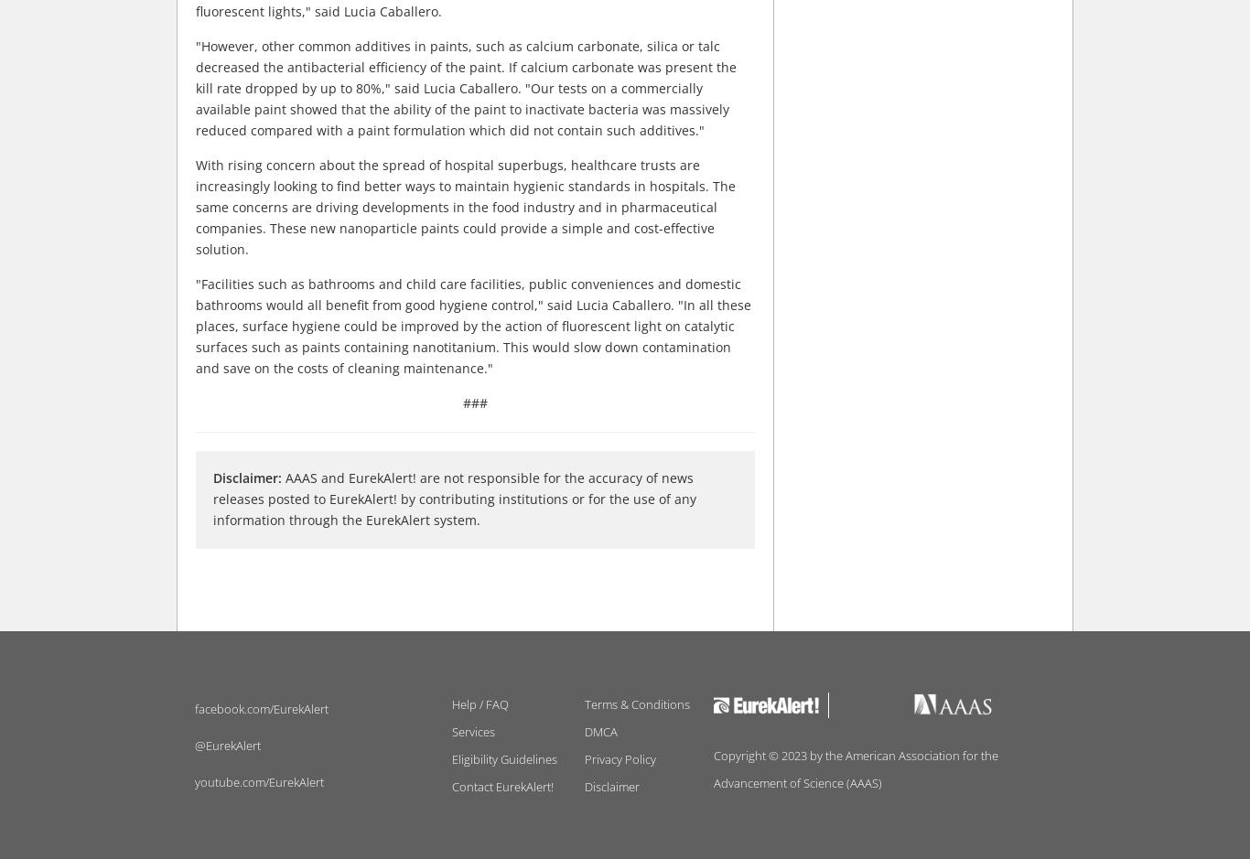  Describe the element at coordinates (855, 768) in the screenshot. I see `'Copyright © 2023 by the American Association for the Advancement of Science (AAAS)'` at that location.